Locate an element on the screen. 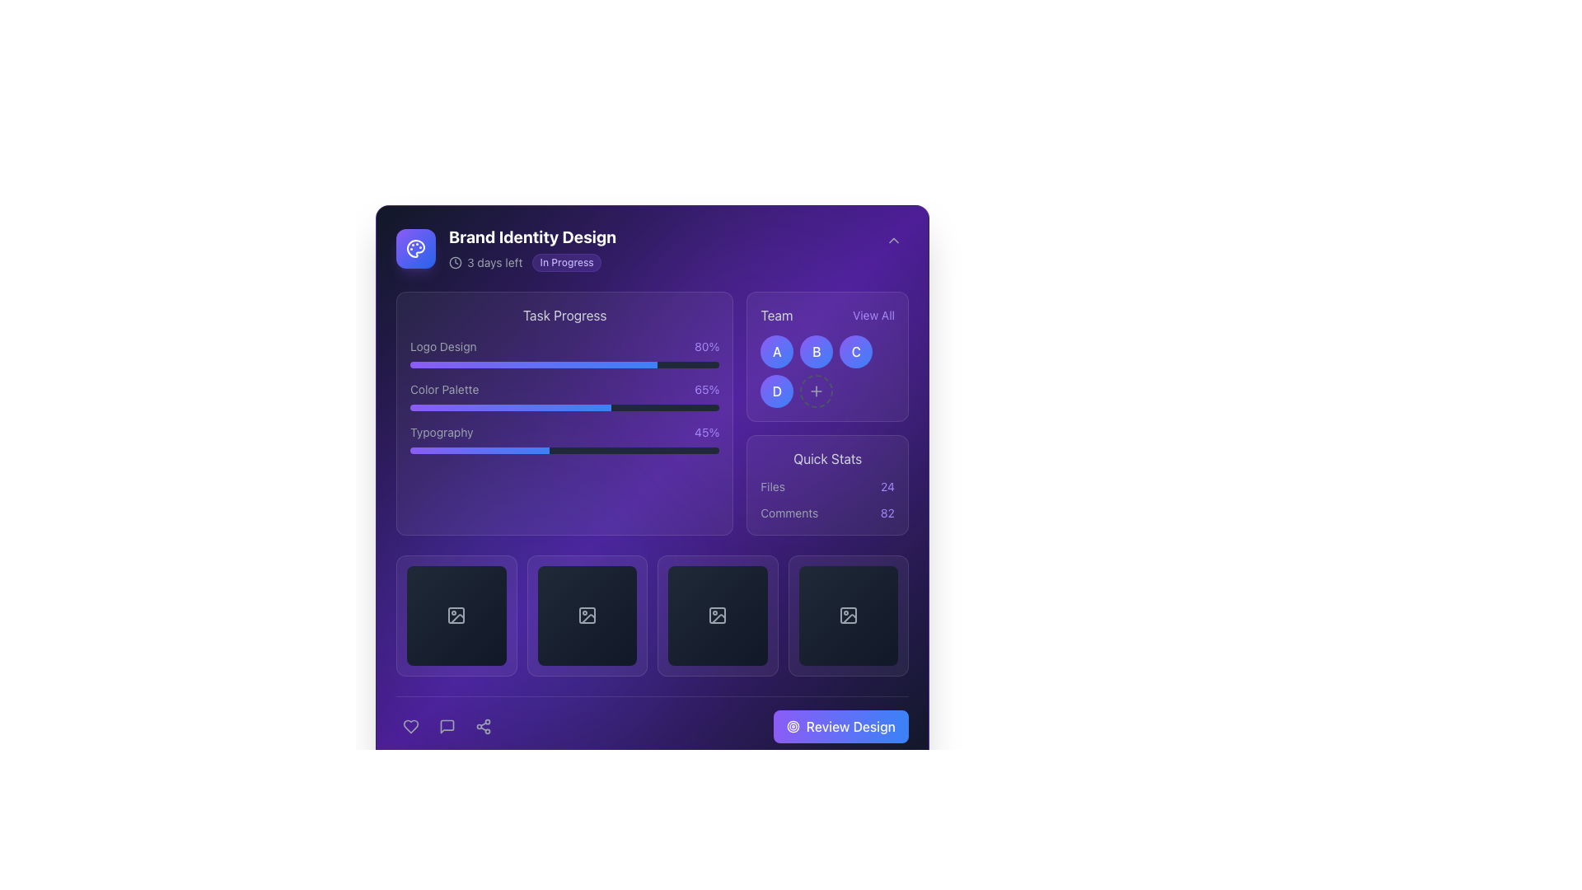 This screenshot has width=1582, height=890. the heart icon located at the bottom left corner of the interface, which is used to represent liking or favoriting an element is located at coordinates (411, 725).